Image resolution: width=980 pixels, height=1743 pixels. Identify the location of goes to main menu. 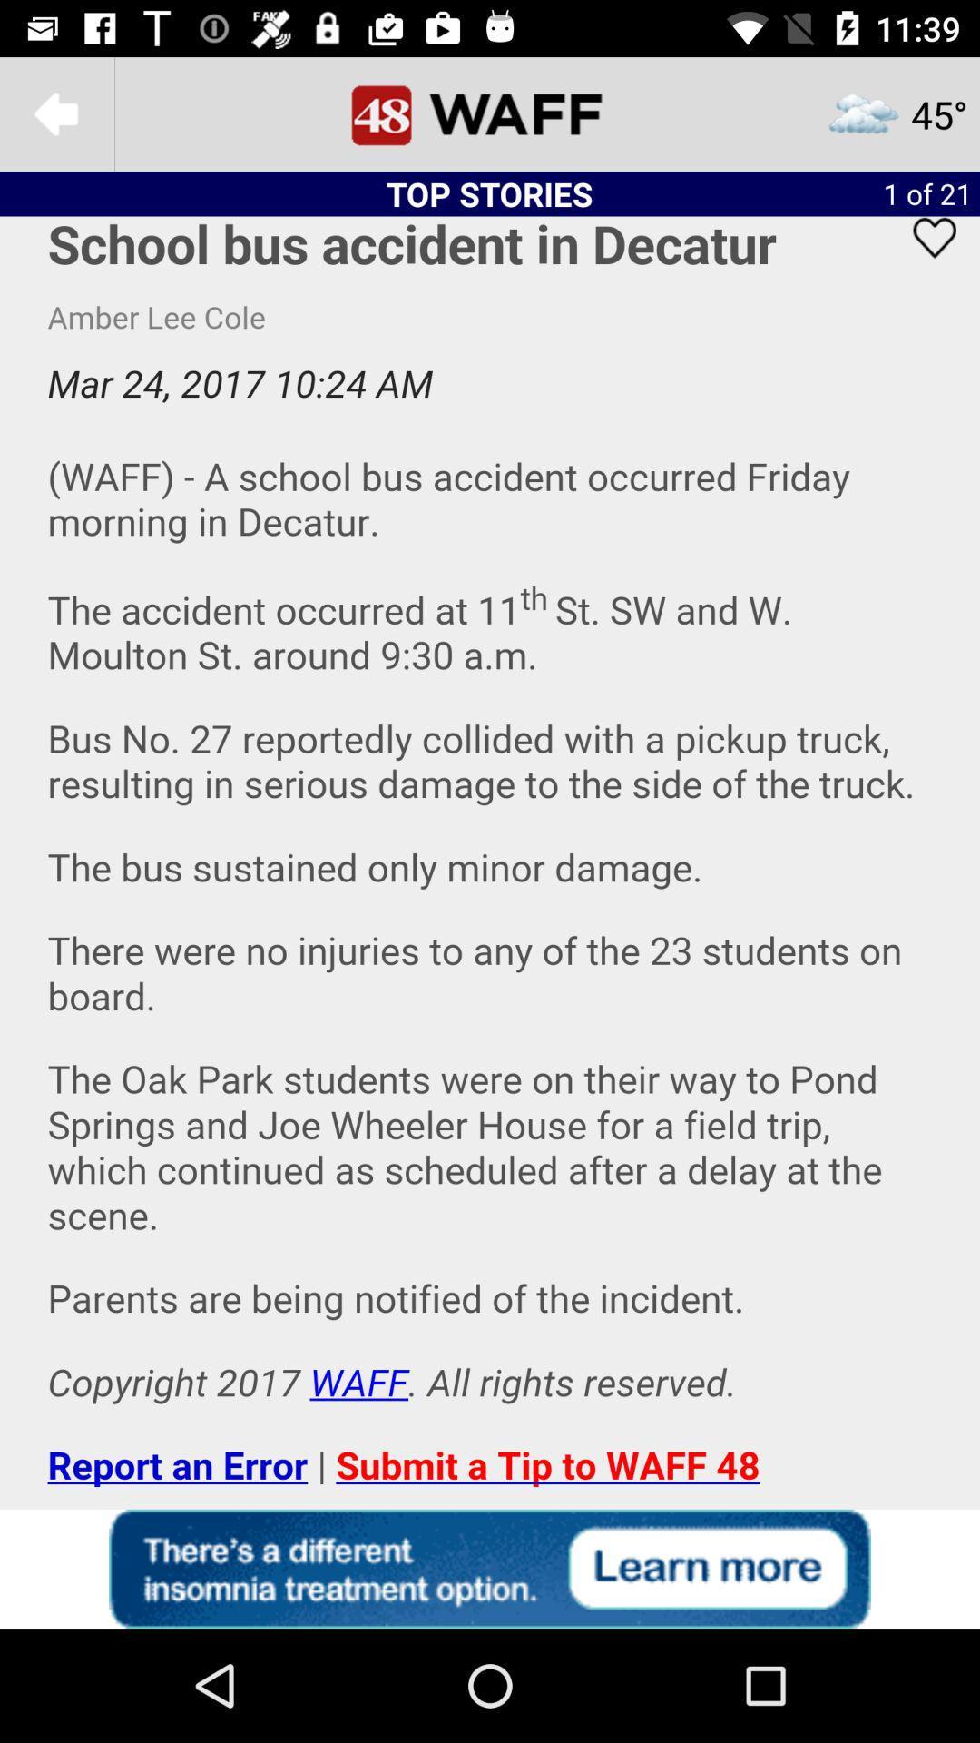
(490, 113).